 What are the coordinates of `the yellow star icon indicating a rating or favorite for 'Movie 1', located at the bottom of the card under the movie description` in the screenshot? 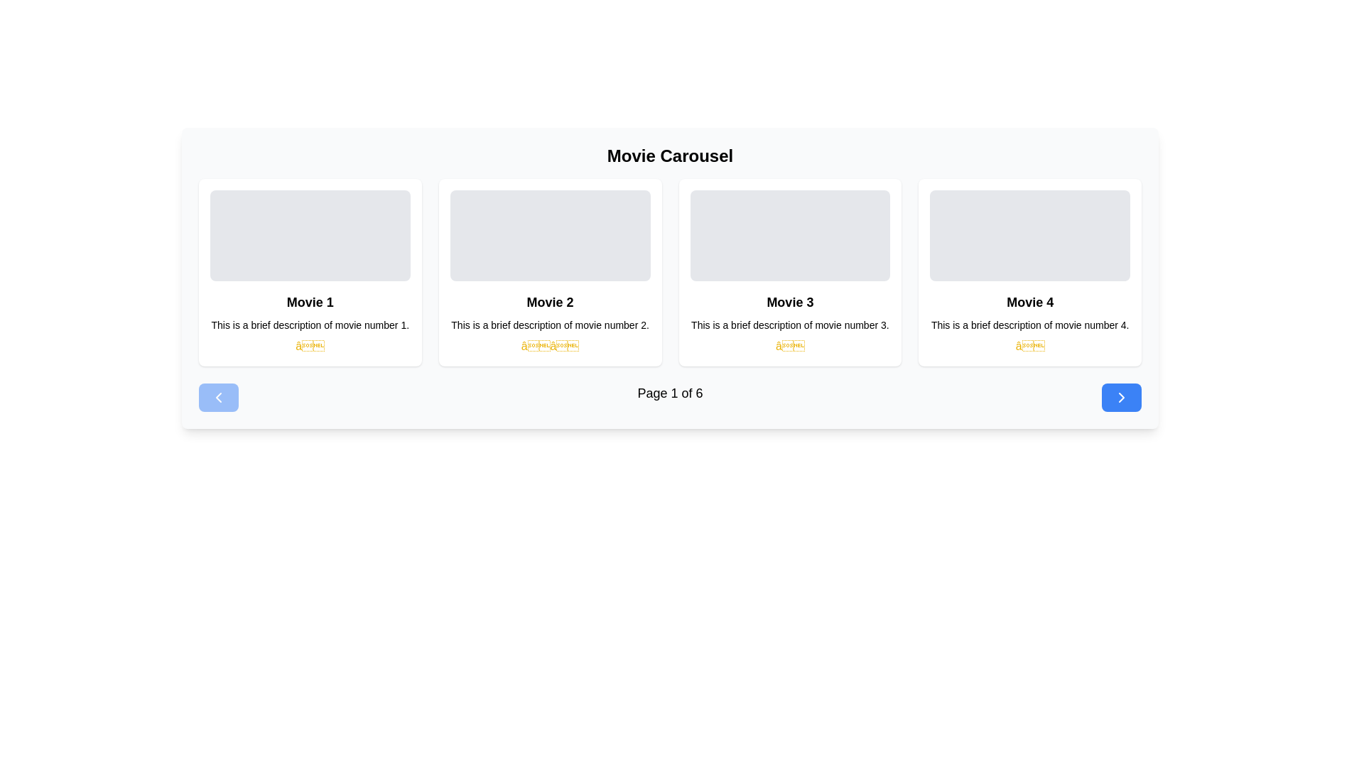 It's located at (309, 347).